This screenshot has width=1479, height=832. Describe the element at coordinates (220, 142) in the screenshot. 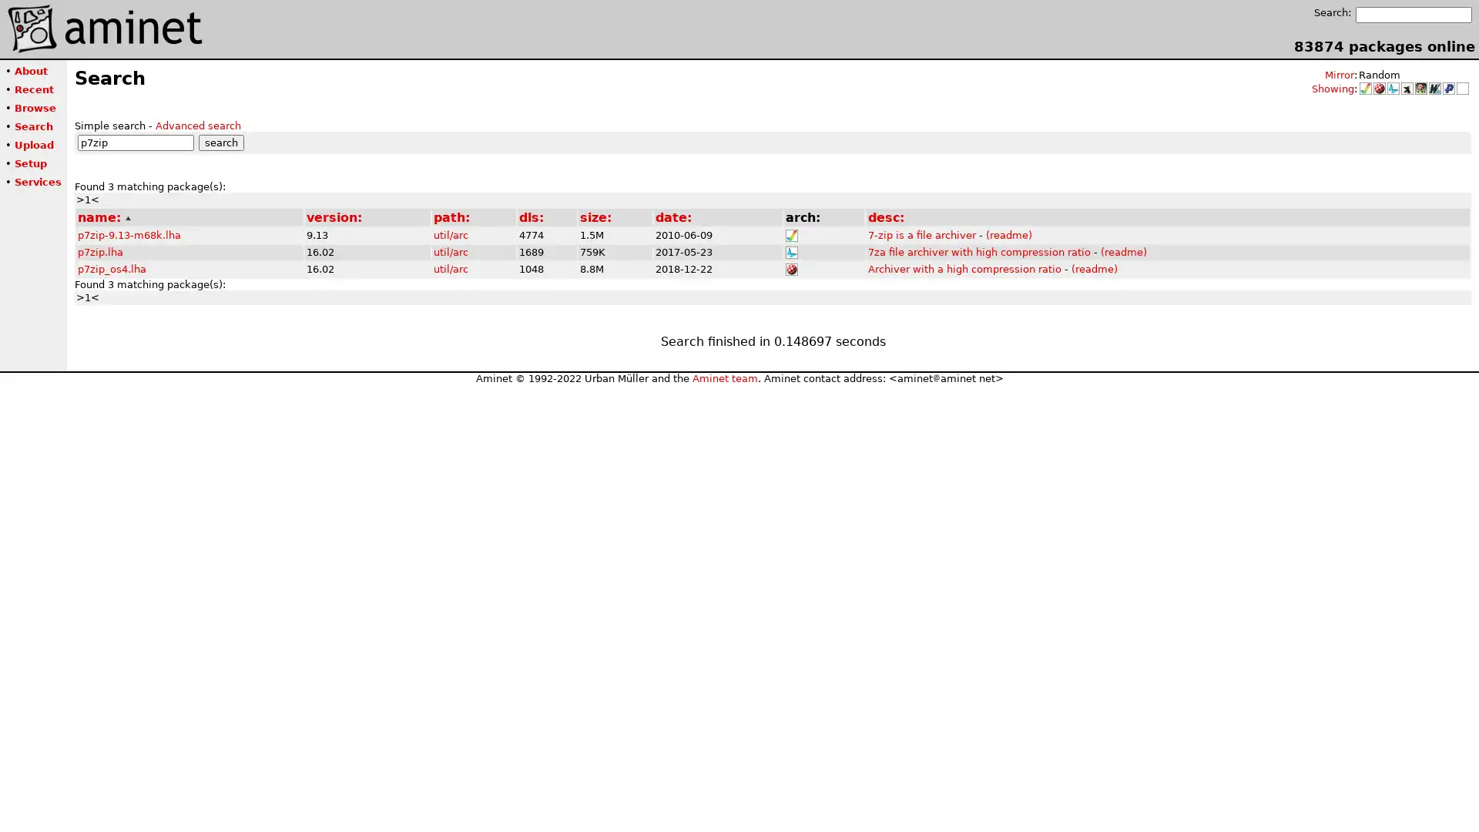

I see `search` at that location.